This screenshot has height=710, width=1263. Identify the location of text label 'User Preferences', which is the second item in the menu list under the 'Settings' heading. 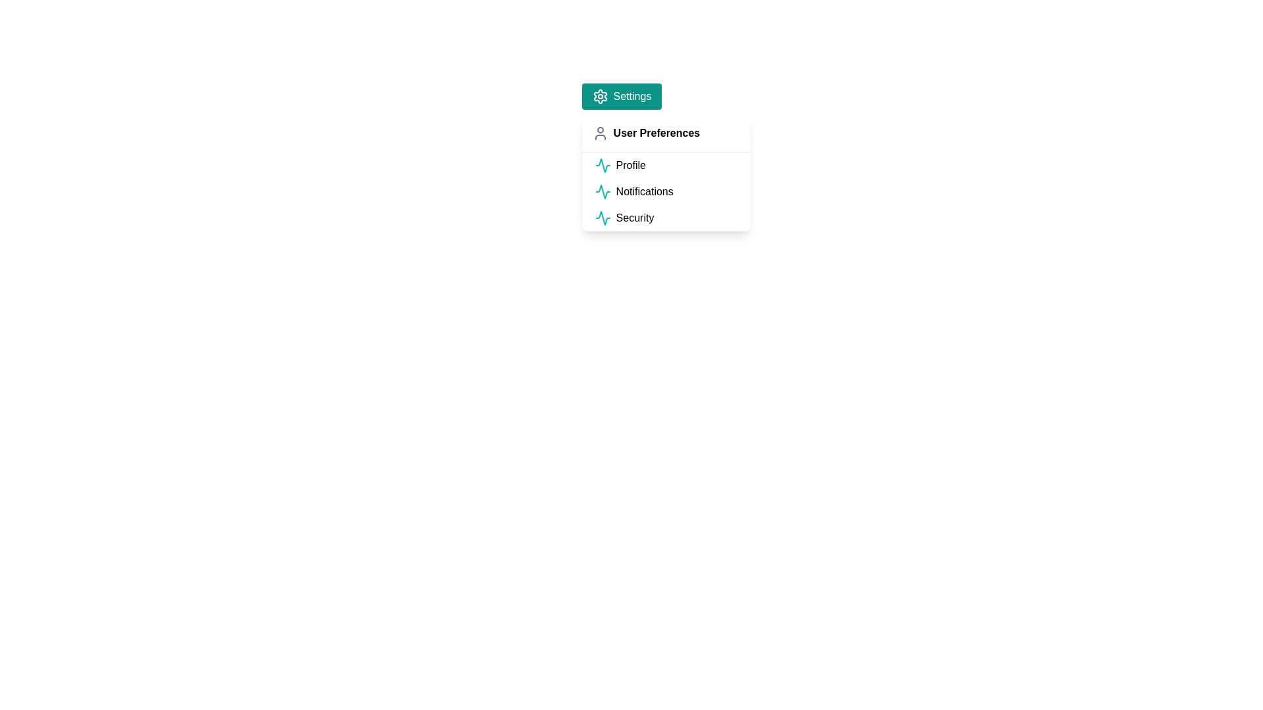
(656, 133).